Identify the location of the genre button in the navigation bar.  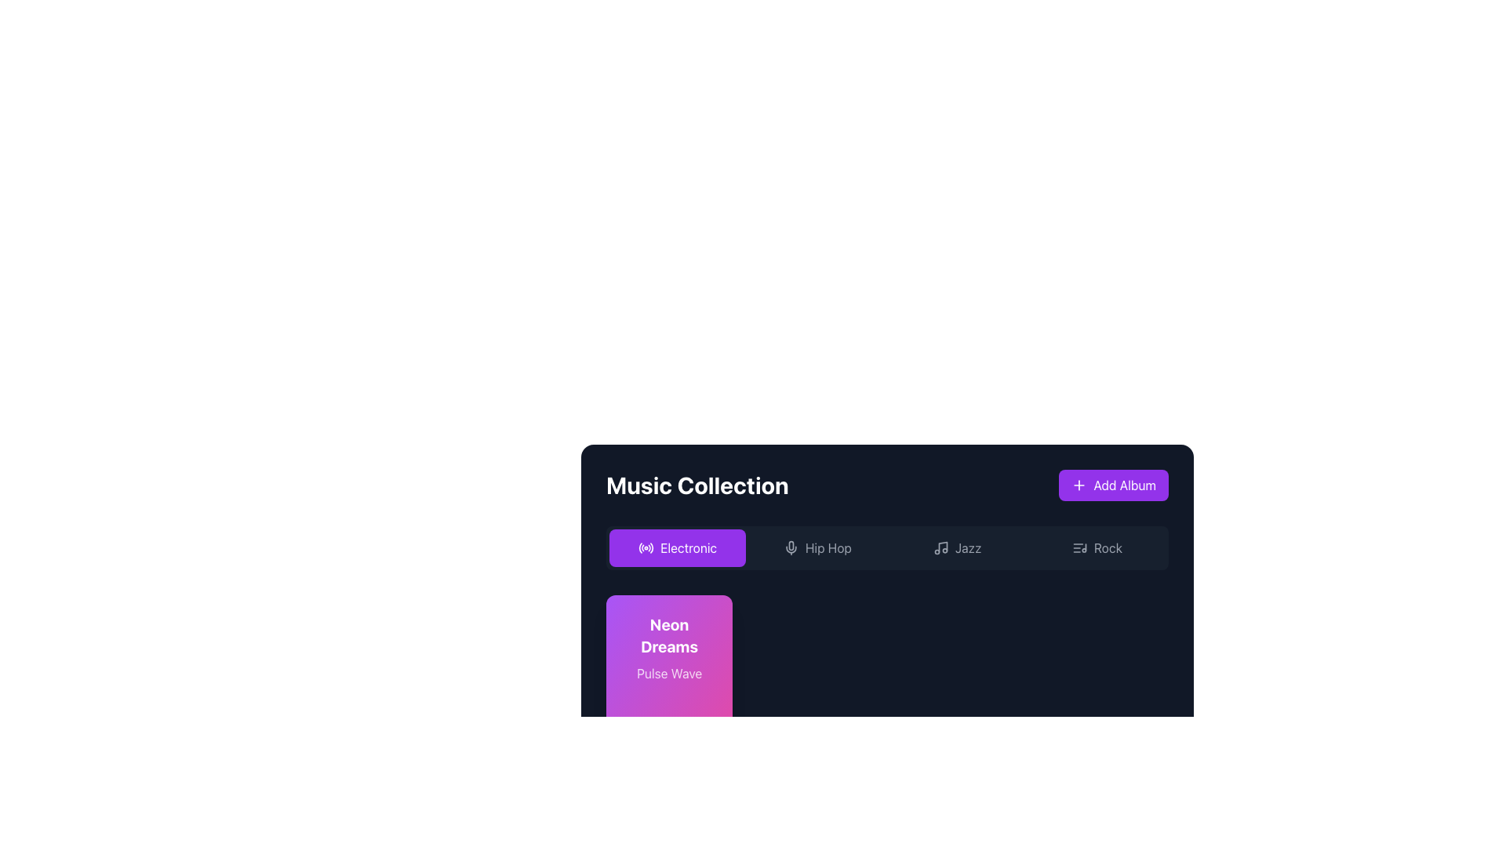
(887, 547).